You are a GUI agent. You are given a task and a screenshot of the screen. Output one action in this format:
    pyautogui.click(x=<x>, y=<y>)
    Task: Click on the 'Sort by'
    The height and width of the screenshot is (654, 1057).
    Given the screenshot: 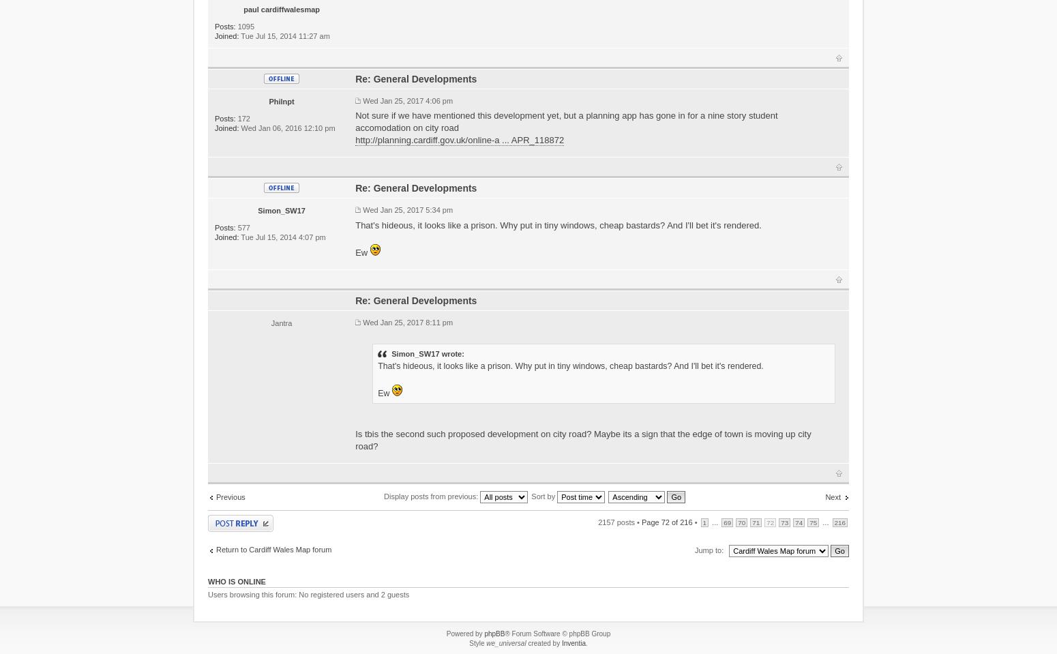 What is the action you would take?
    pyautogui.click(x=543, y=495)
    